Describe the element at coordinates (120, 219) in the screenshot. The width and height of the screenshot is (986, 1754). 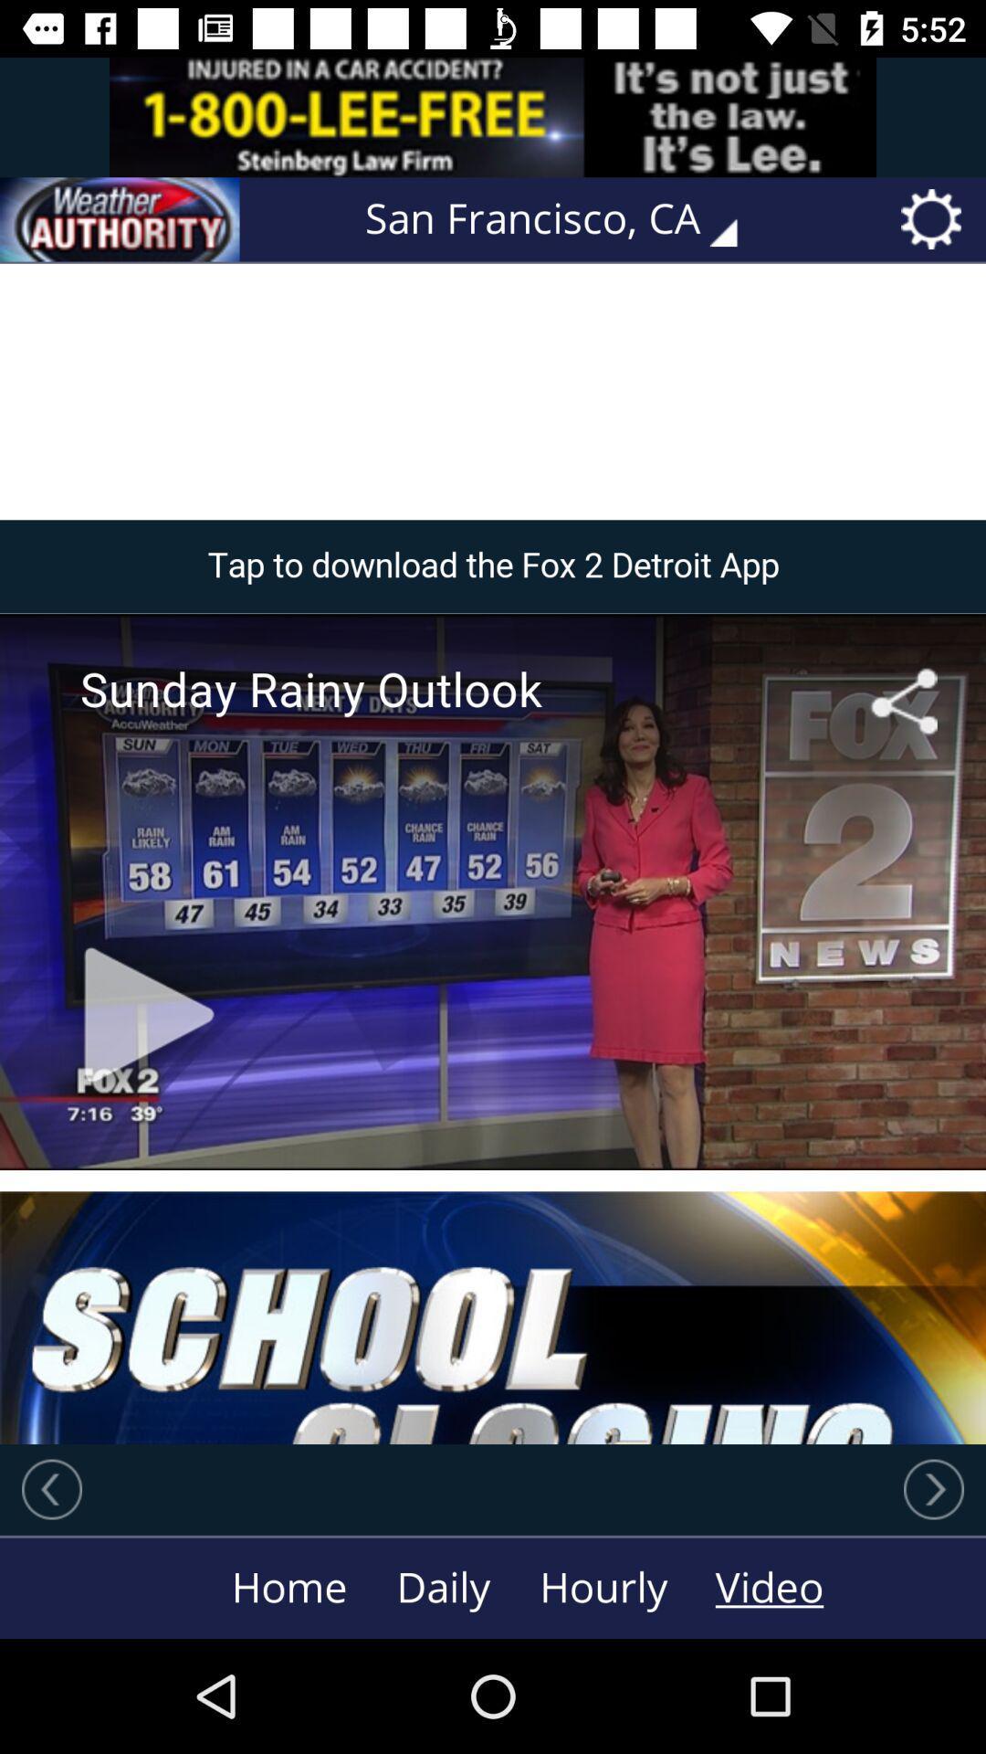
I see `weather authority` at that location.